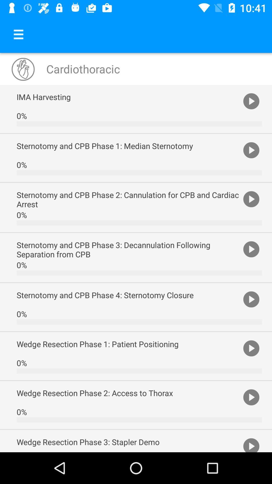 The height and width of the screenshot is (484, 272). I want to click on the icon to the right of wedge resection phase, so click(251, 444).